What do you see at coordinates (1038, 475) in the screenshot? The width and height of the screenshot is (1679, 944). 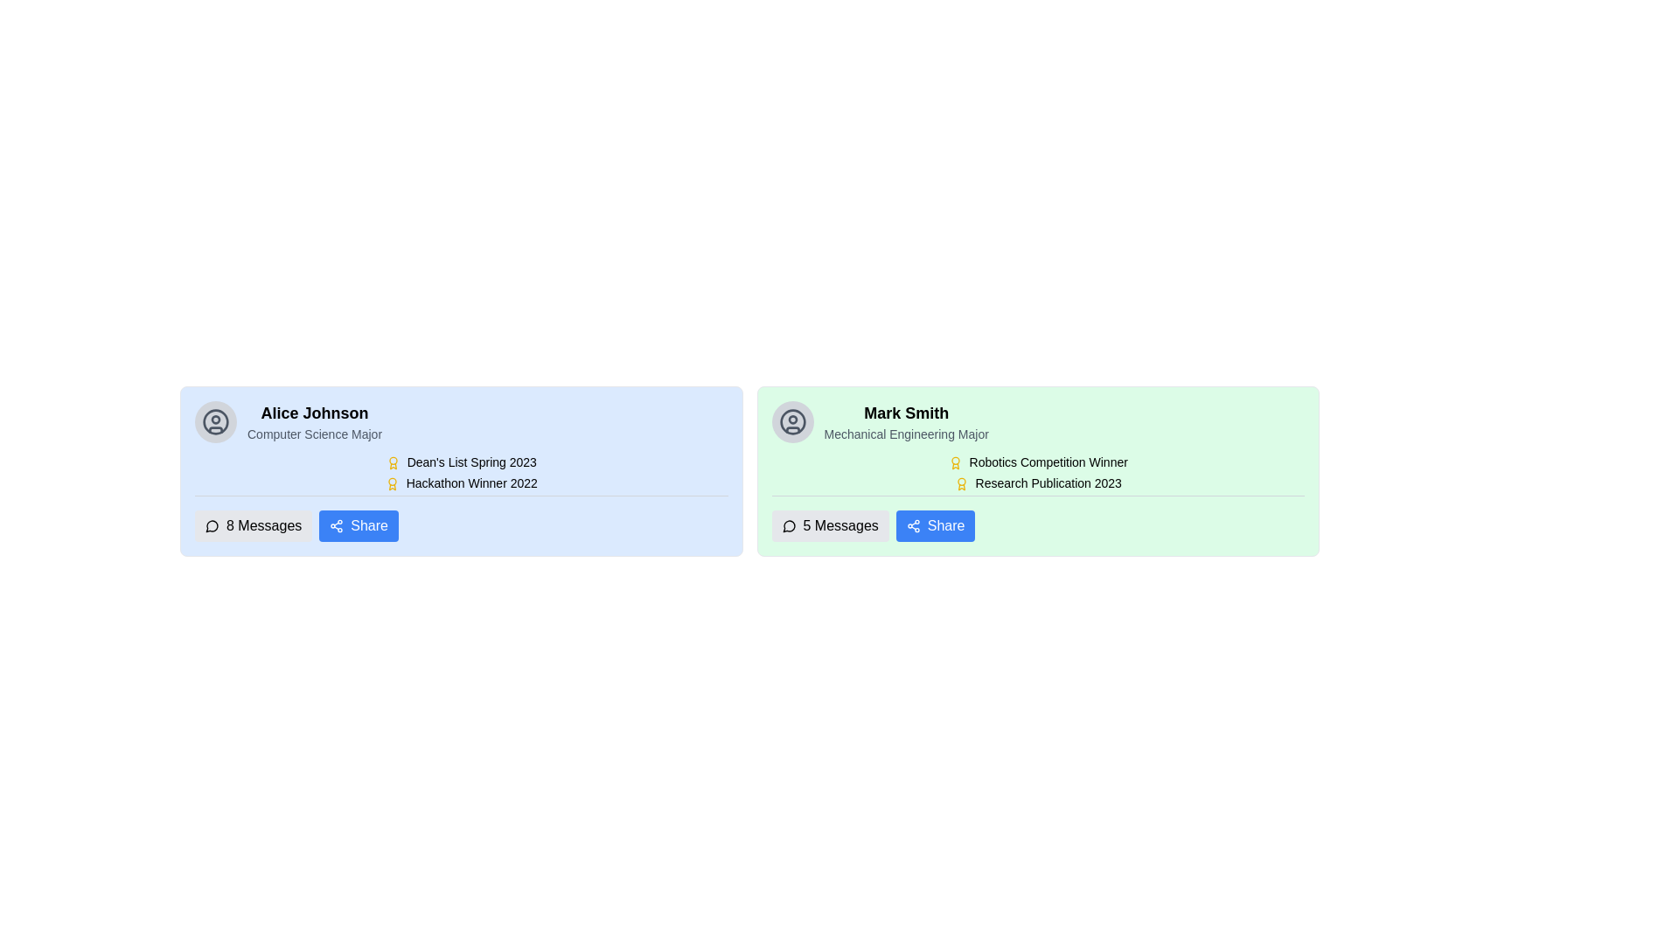 I see `the achievements text block within Mark Smith's profile card to associate the achievements with the individual` at bounding box center [1038, 475].